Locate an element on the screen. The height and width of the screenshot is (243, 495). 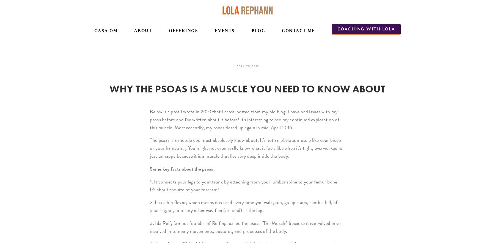
'Events' is located at coordinates (225, 30).